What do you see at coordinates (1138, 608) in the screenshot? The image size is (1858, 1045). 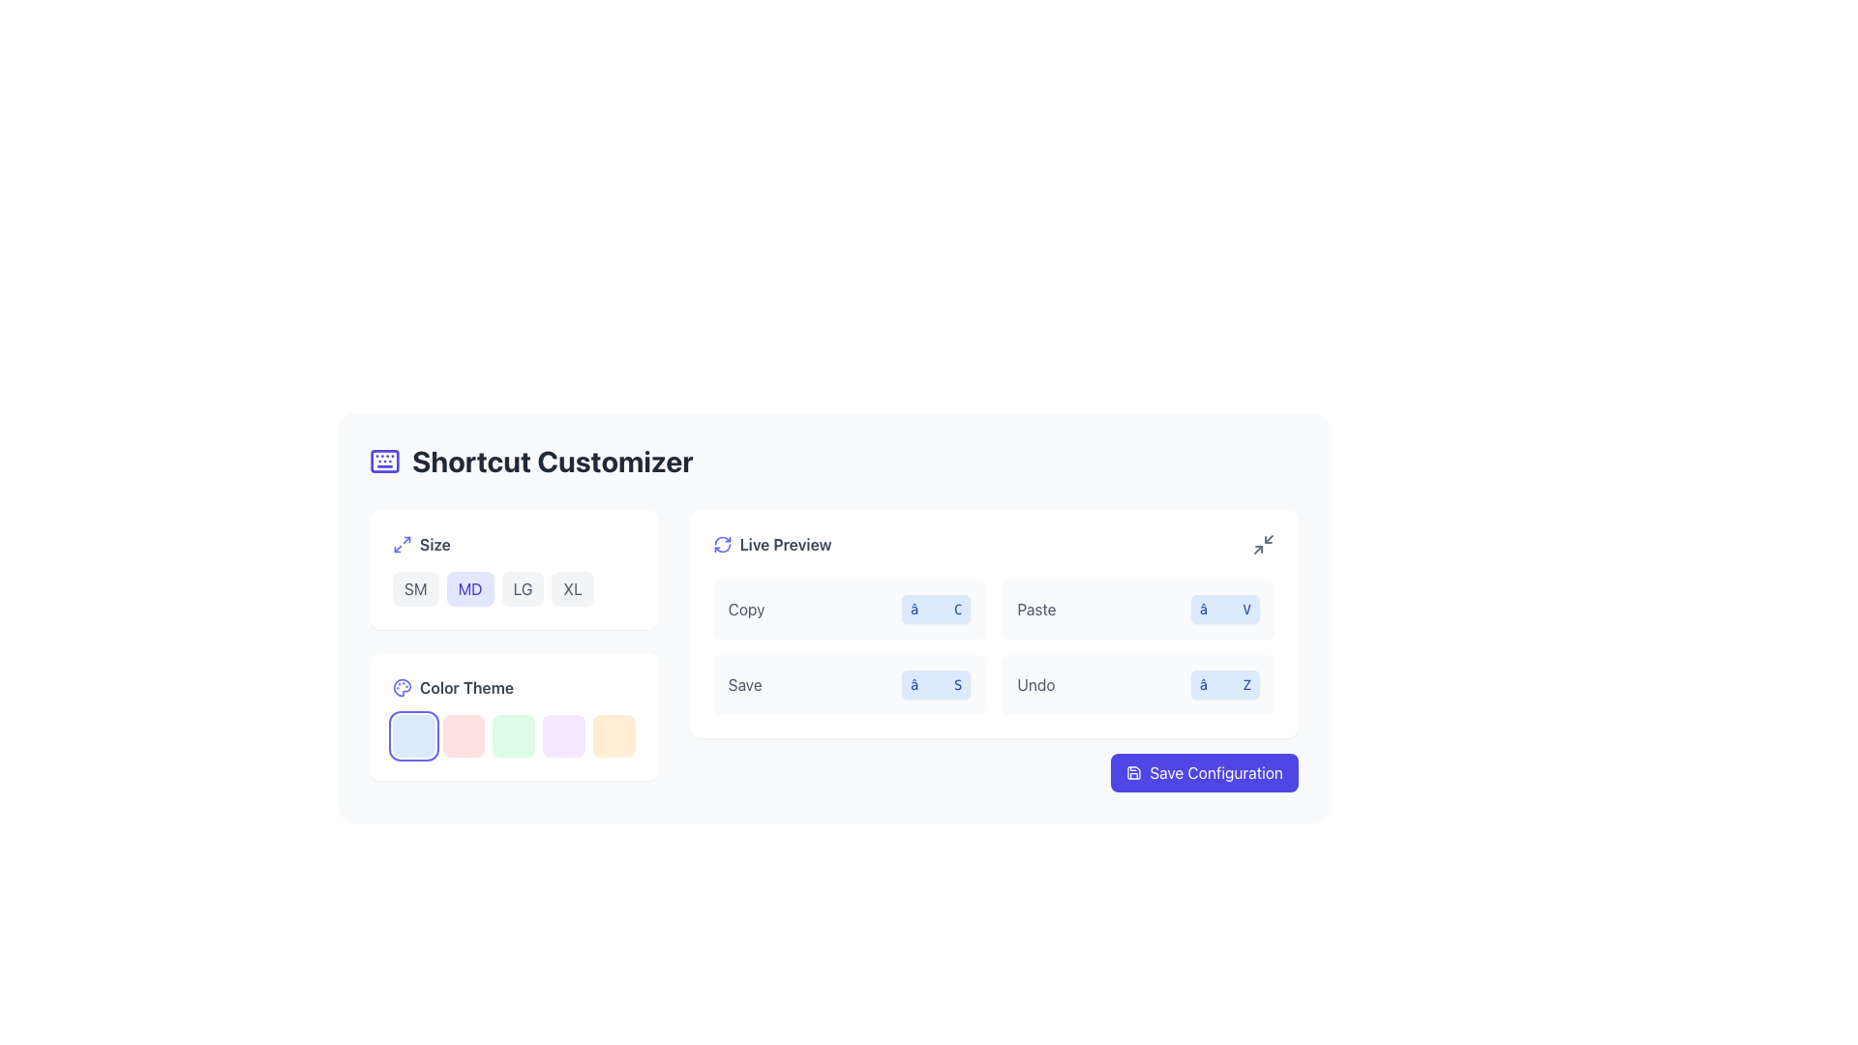 I see `the 'Paste' shortcut configuration option labeled with '⌘ V' in the 'Live Preview' section, which is positioned between 'Copy' and 'Save'` at bounding box center [1138, 608].